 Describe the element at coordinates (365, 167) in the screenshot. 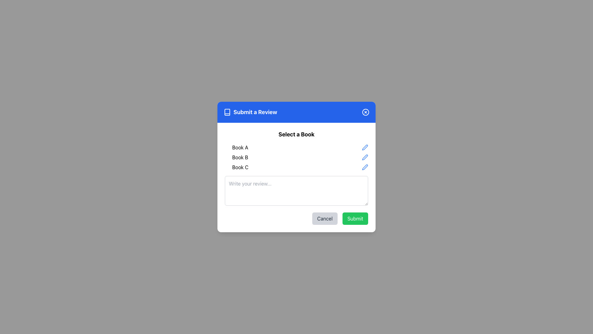

I see `the small blue pen icon located to the right of the list entry 'Book C'` at that location.